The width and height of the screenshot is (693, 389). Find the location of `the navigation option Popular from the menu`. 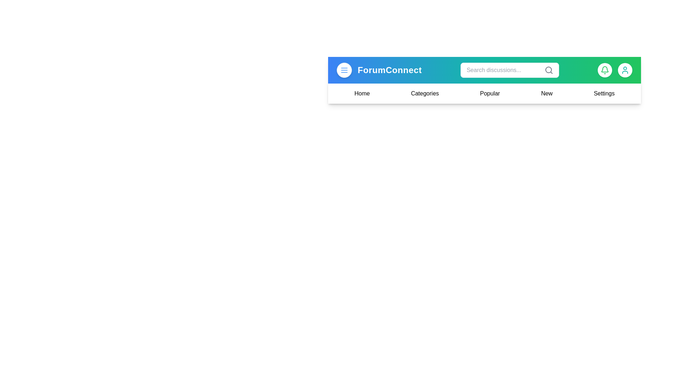

the navigation option Popular from the menu is located at coordinates (490, 93).